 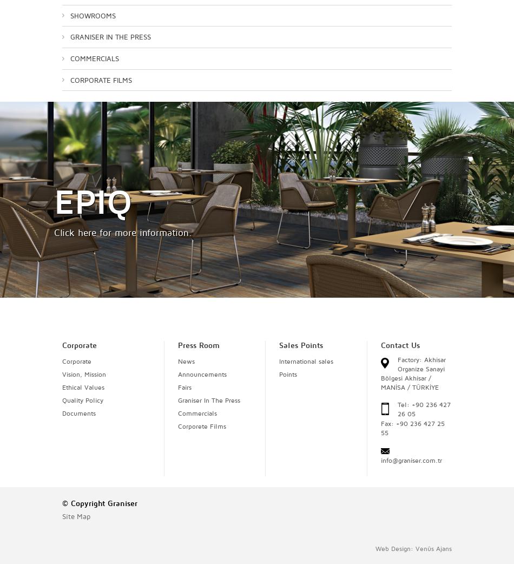 What do you see at coordinates (123, 231) in the screenshot?
I see `'Click here for more information.'` at bounding box center [123, 231].